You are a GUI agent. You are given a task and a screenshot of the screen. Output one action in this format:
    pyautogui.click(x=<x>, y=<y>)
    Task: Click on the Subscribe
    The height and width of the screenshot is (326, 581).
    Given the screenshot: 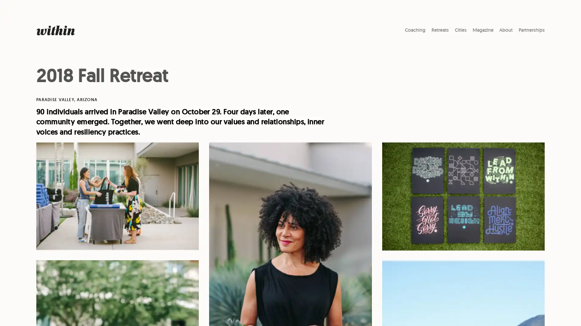 What is the action you would take?
    pyautogui.click(x=342, y=176)
    